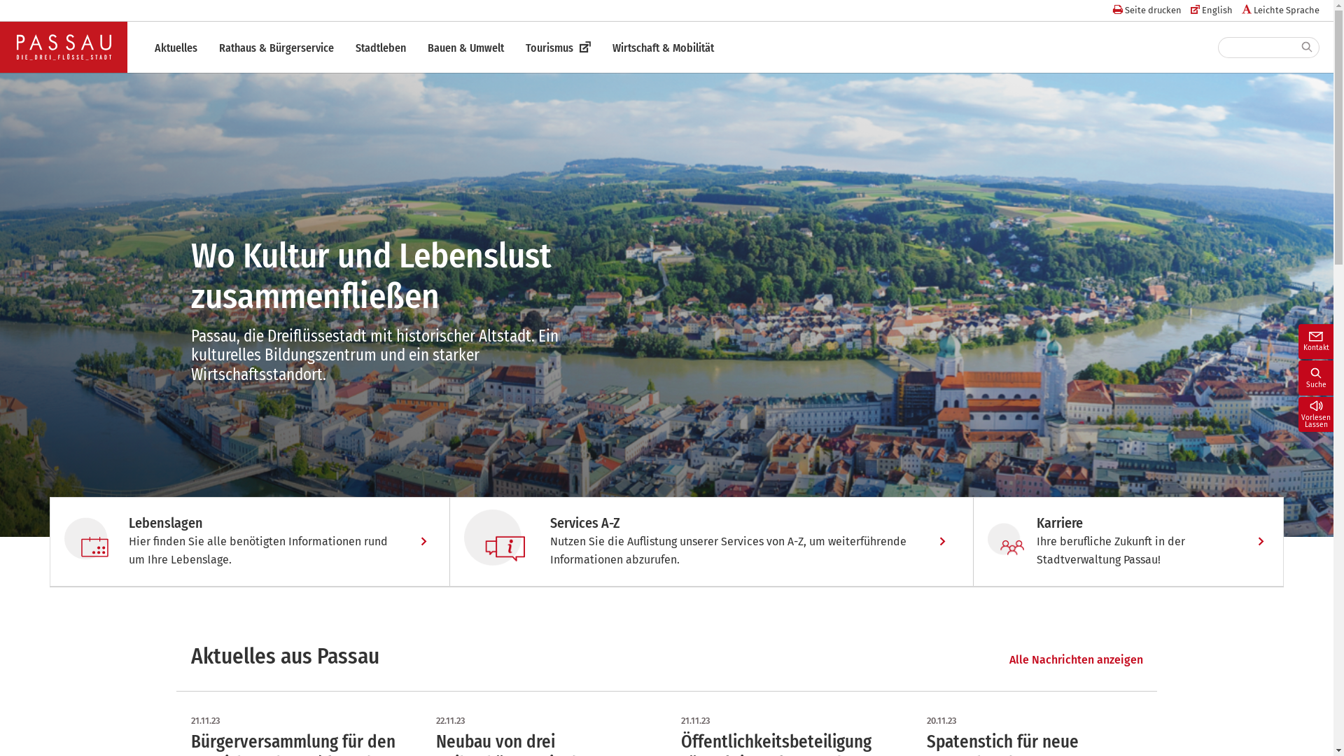  Describe the element at coordinates (380, 48) in the screenshot. I see `'Stadtleben'` at that location.